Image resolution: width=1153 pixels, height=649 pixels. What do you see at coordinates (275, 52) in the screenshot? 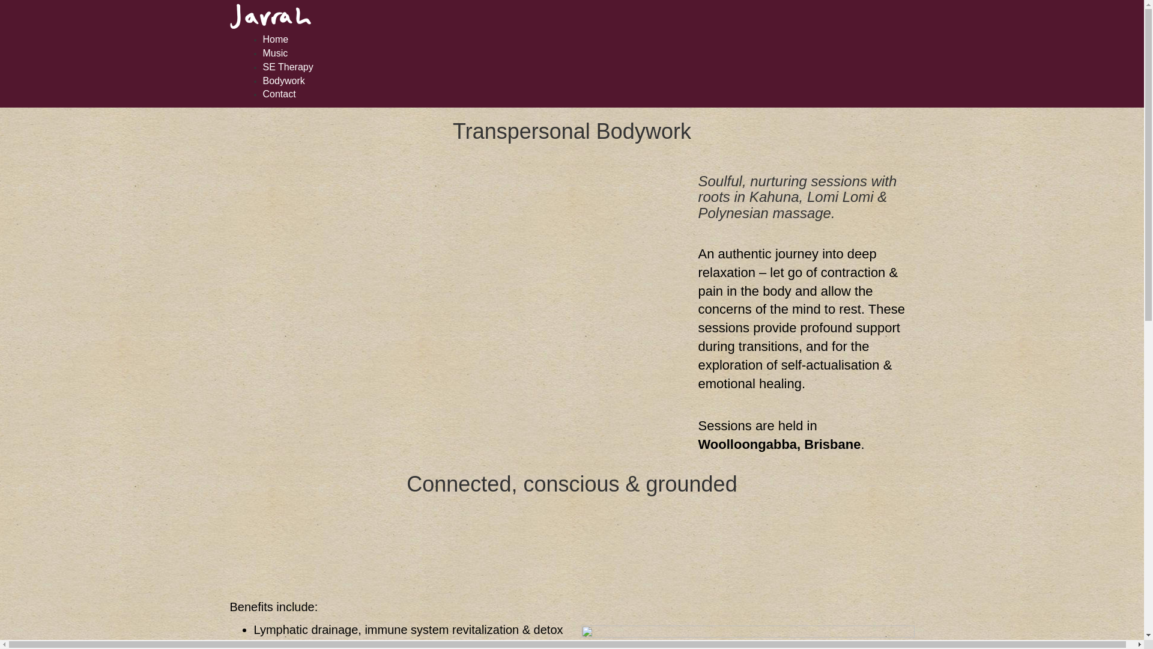
I see `'Music'` at bounding box center [275, 52].